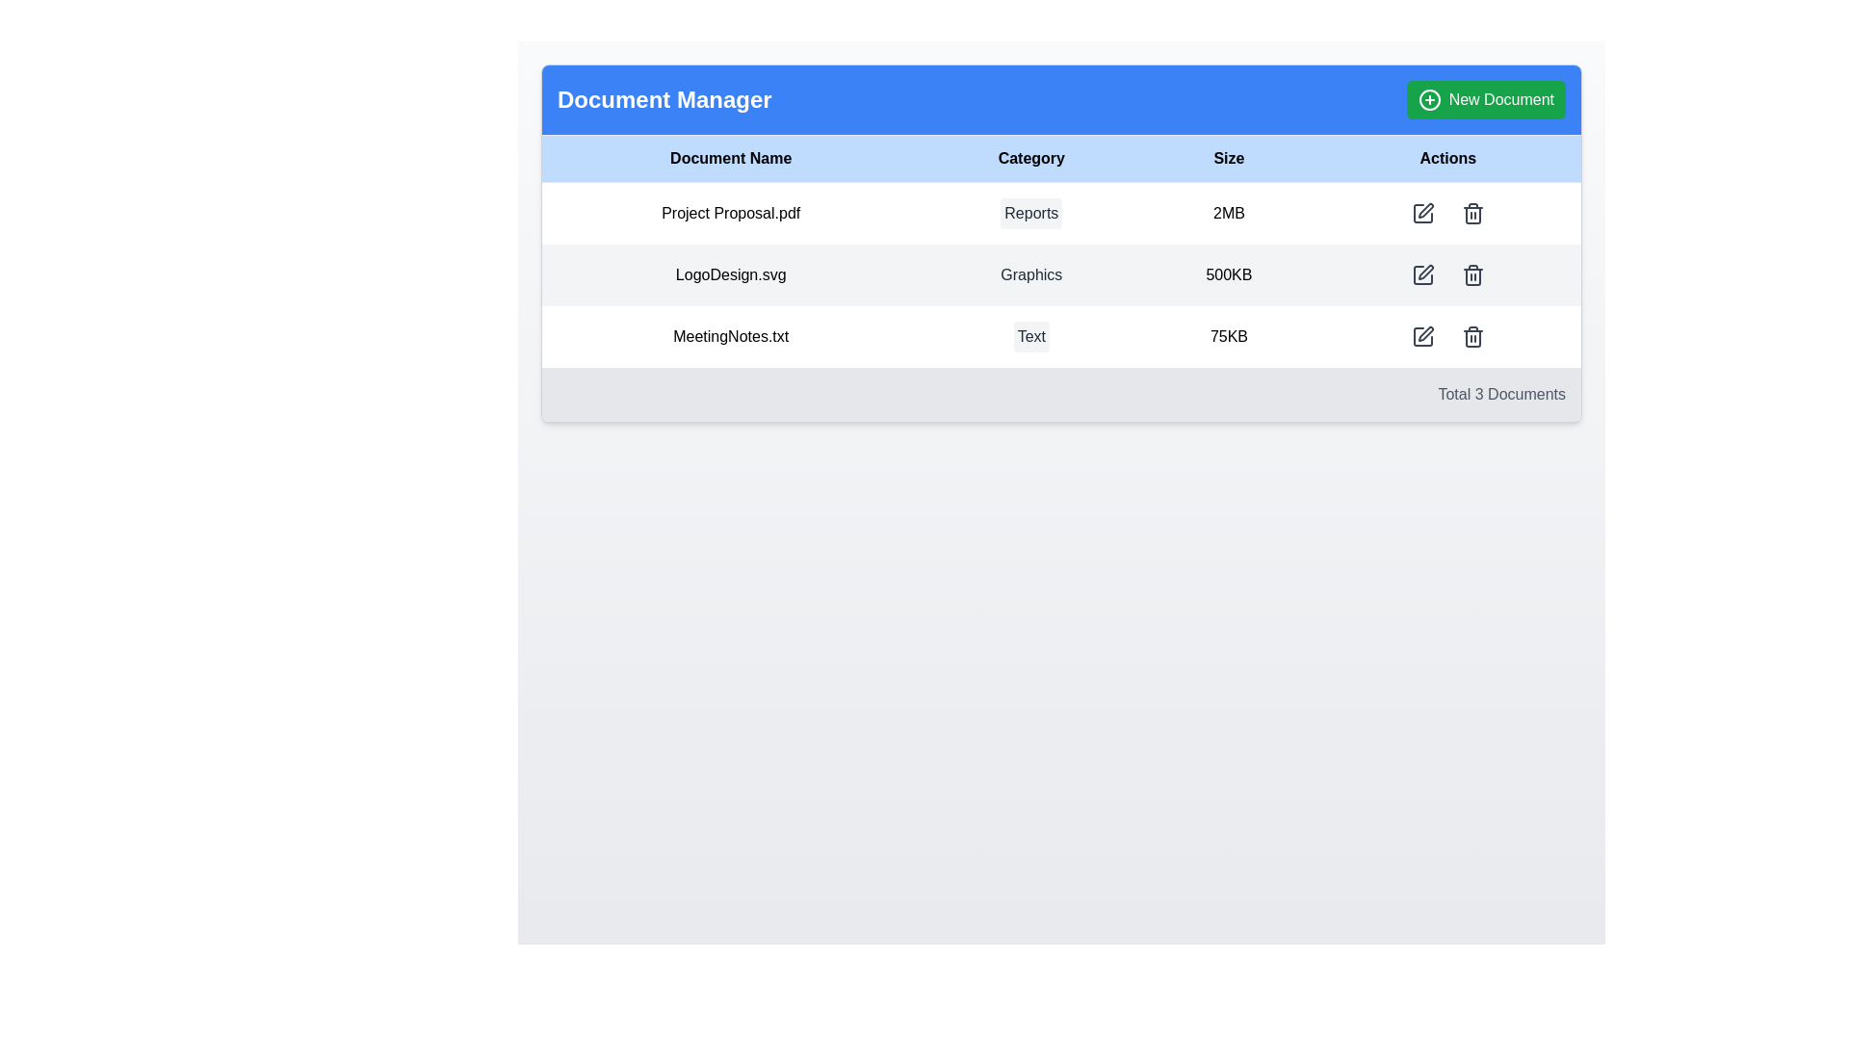  What do you see at coordinates (1422, 214) in the screenshot?
I see `the editing icon button located in the 'Actions' column of the first row, next to the 'Size' column displaying '2MB' and horizontally aligned with 'Project Proposal.pdf' to initiate editing` at bounding box center [1422, 214].